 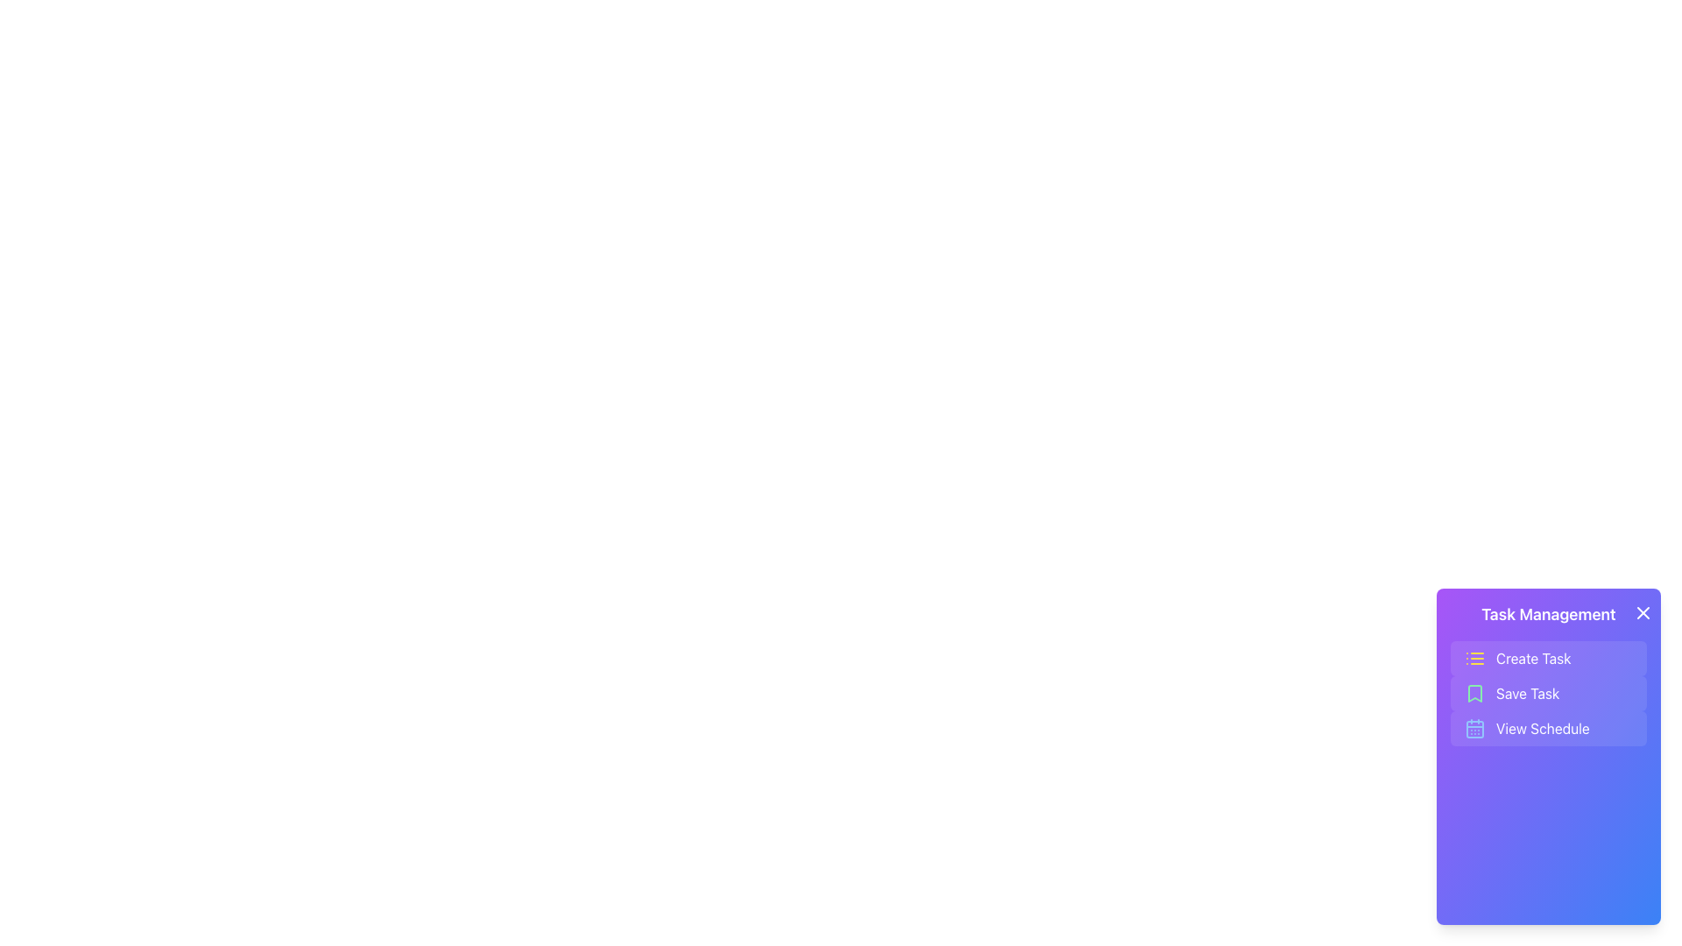 What do you see at coordinates (1532, 659) in the screenshot?
I see `the 'Create New Task' button located in the 'Task Management' menu` at bounding box center [1532, 659].